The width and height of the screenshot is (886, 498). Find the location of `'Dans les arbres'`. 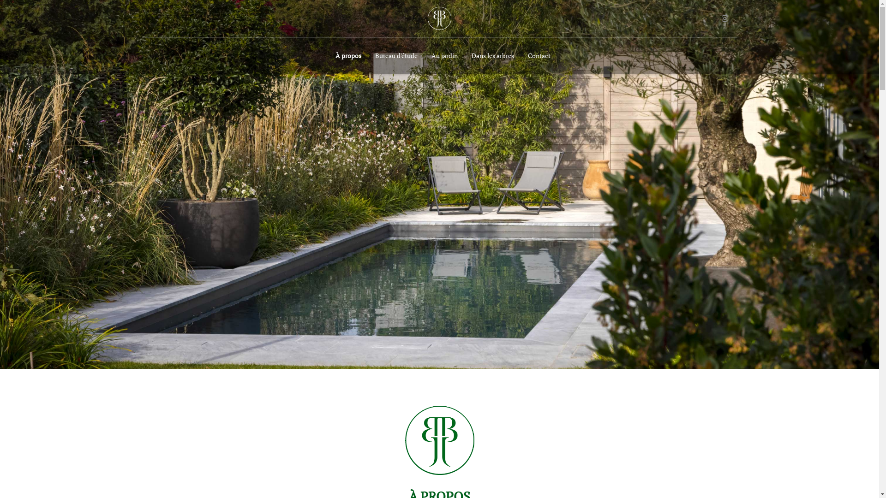

'Dans les arbres' is located at coordinates (492, 55).